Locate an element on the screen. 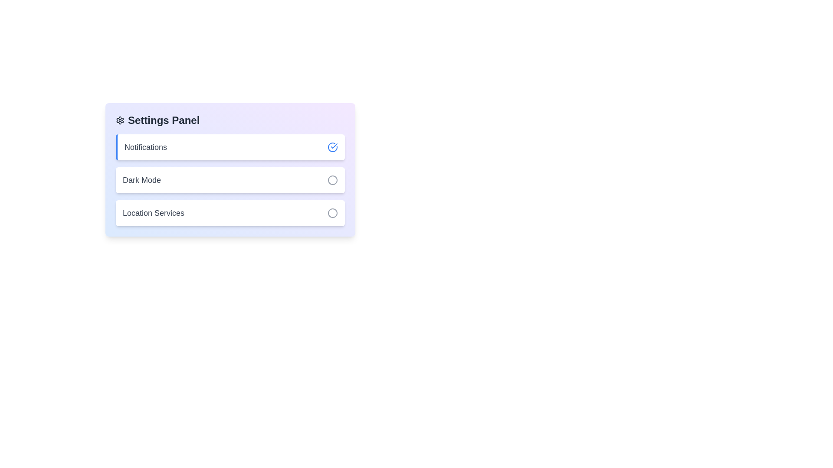  the title of the settings panel is located at coordinates (230, 120).